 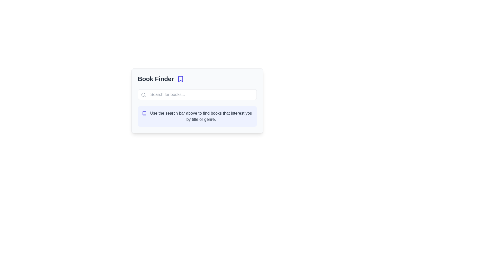 I want to click on the central circle component of the magnifying glass icon, which has a defined border stroke and is located towards the left side of the input/search bar in the 'Book Finder' interface, so click(x=143, y=95).